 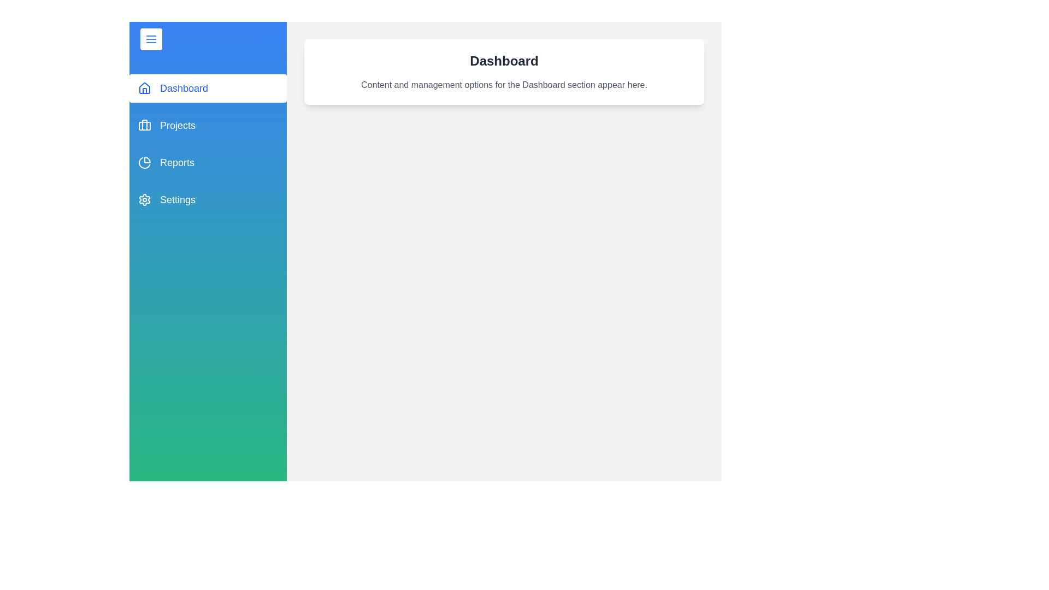 I want to click on the section Dashboard from the navigation menu, so click(x=208, y=88).